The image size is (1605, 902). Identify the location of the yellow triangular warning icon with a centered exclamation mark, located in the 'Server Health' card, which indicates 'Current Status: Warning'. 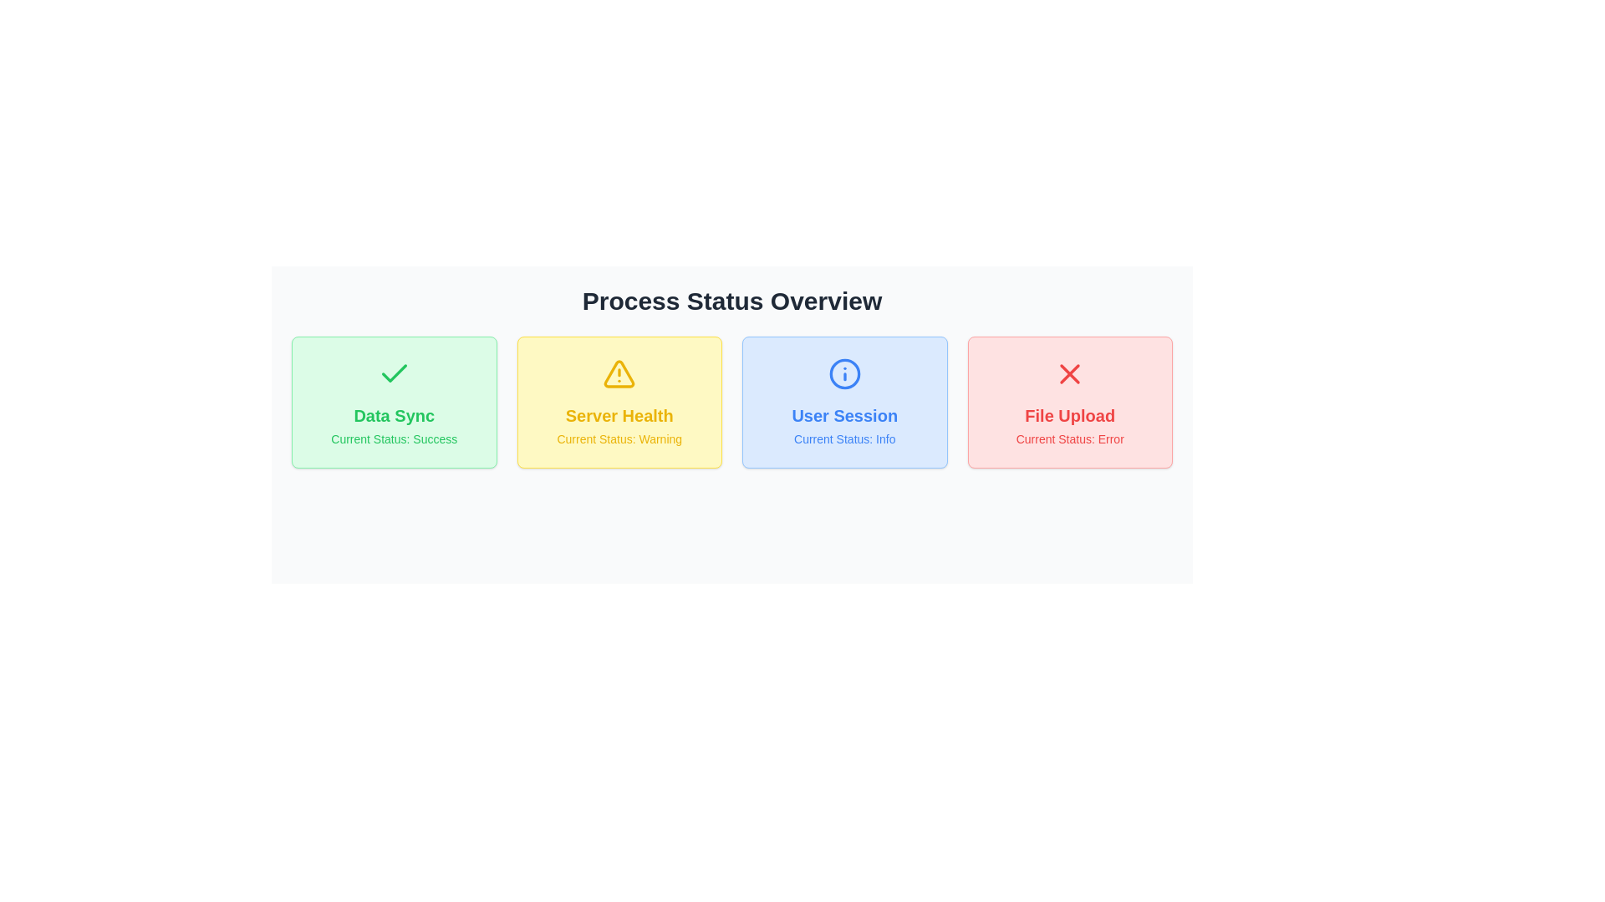
(619, 372).